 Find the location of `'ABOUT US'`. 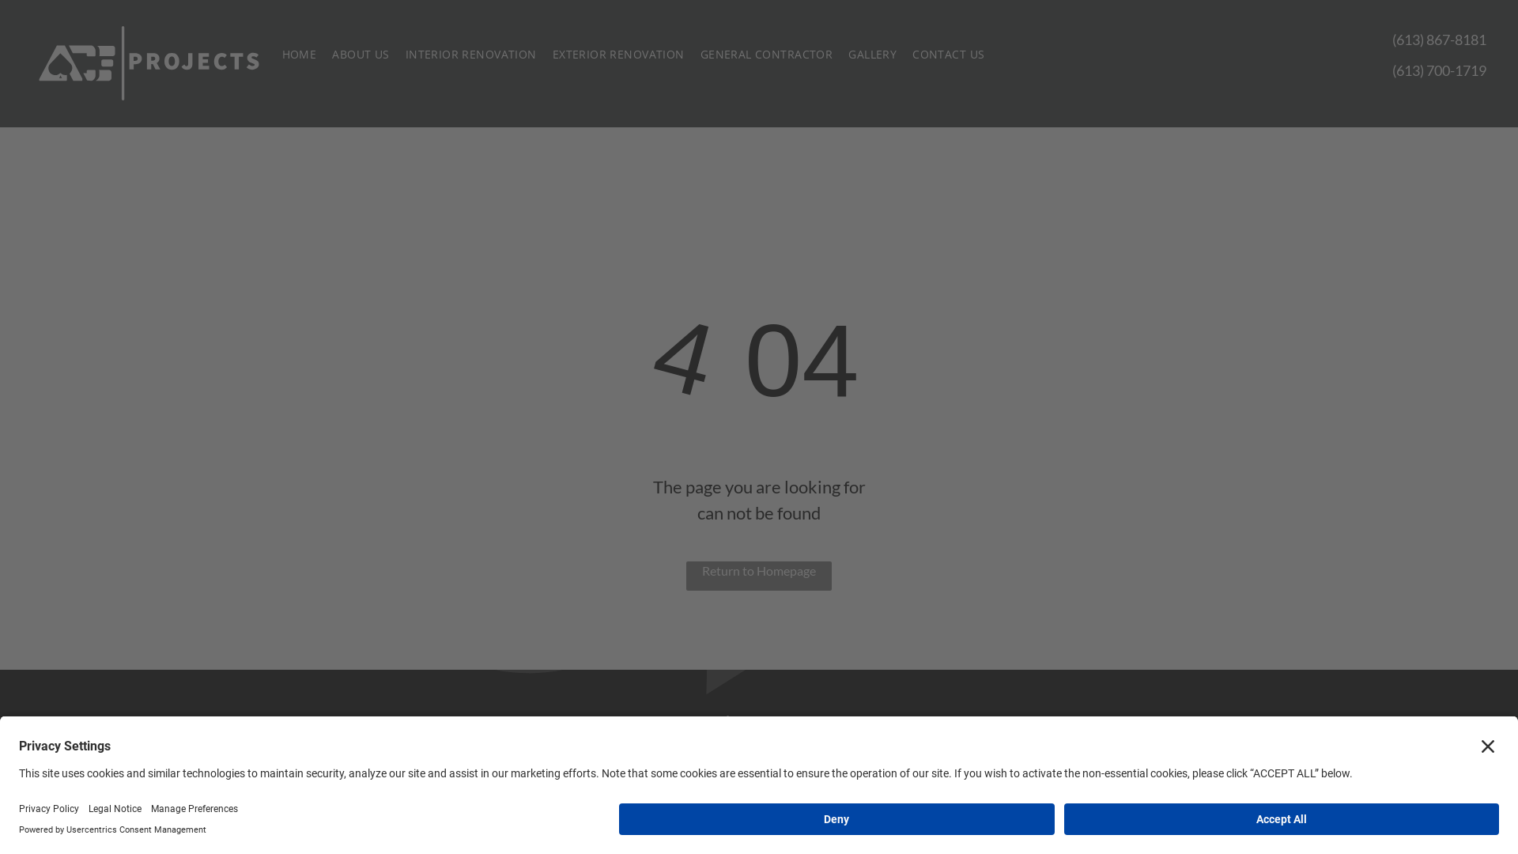

'ABOUT US' is located at coordinates (360, 53).